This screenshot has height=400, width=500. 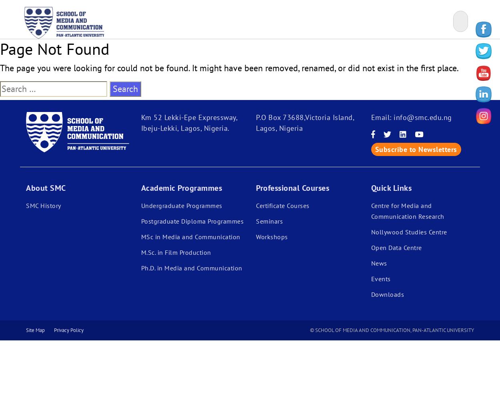 What do you see at coordinates (305, 122) in the screenshot?
I see `'P.O Box 73688,Victoria Island, Lagos, Nigeria'` at bounding box center [305, 122].